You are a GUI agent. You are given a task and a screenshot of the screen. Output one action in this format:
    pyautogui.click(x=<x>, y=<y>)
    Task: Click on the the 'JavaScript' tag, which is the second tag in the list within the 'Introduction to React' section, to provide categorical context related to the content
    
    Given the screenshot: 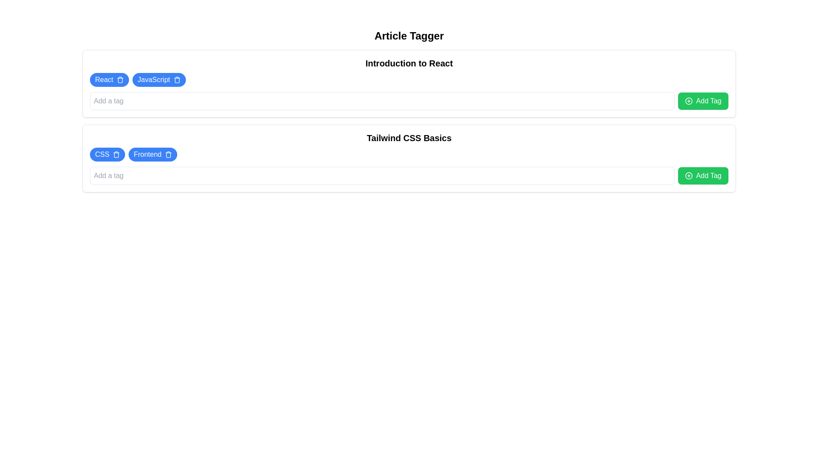 What is the action you would take?
    pyautogui.click(x=154, y=80)
    